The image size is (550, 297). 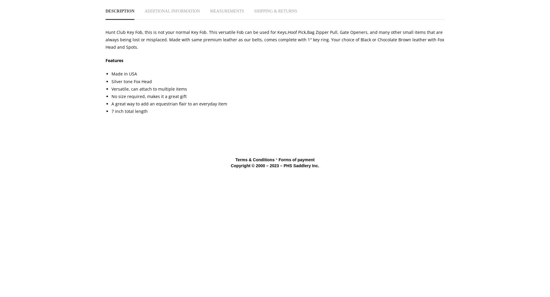 What do you see at coordinates (149, 96) in the screenshot?
I see `'No size required, makes it a great gift'` at bounding box center [149, 96].